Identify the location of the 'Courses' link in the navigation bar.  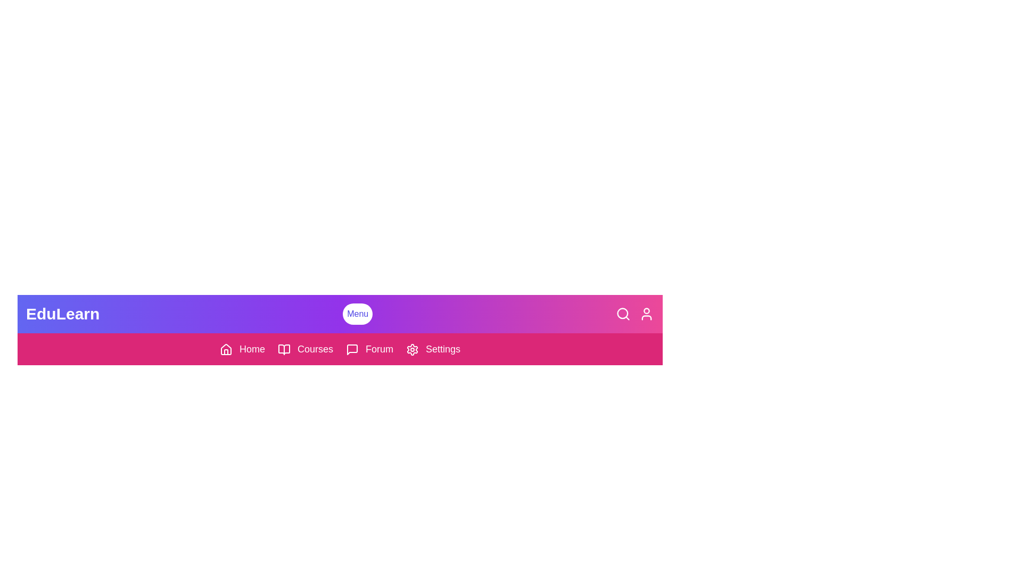
(304, 349).